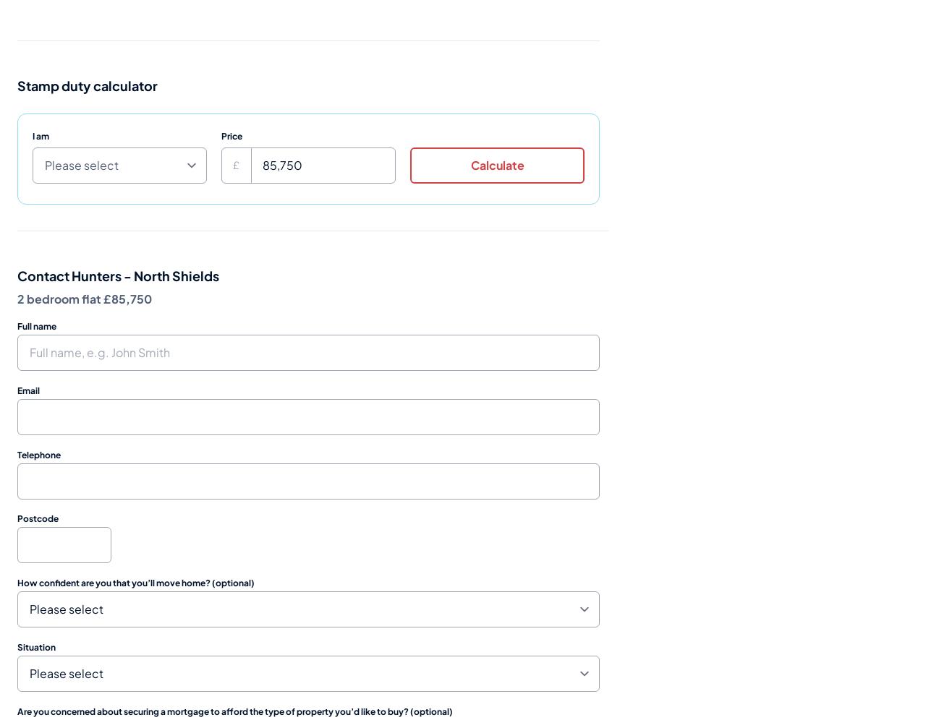 This screenshot has width=926, height=720. I want to click on 'Are you concerned about securing a mortgage to afford the type of property you’d like to buy? (optional)', so click(234, 710).